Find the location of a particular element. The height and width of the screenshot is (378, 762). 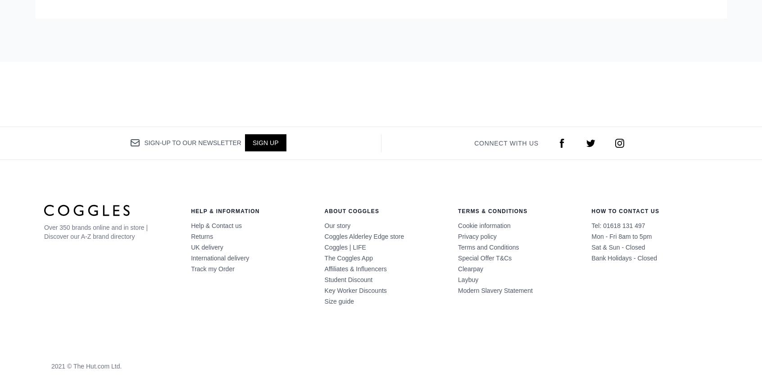

'Sign-up to our newsletter' is located at coordinates (192, 142).